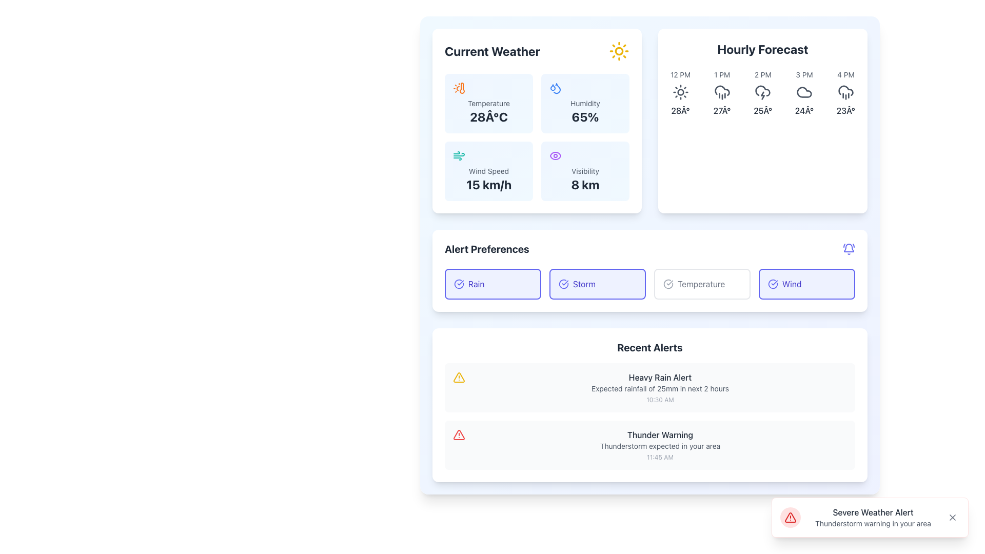 The image size is (985, 554). Describe the element at coordinates (721, 90) in the screenshot. I see `the cloud icon representing the '1 PM' forecast in the 'Hourly Forecast' section` at that location.